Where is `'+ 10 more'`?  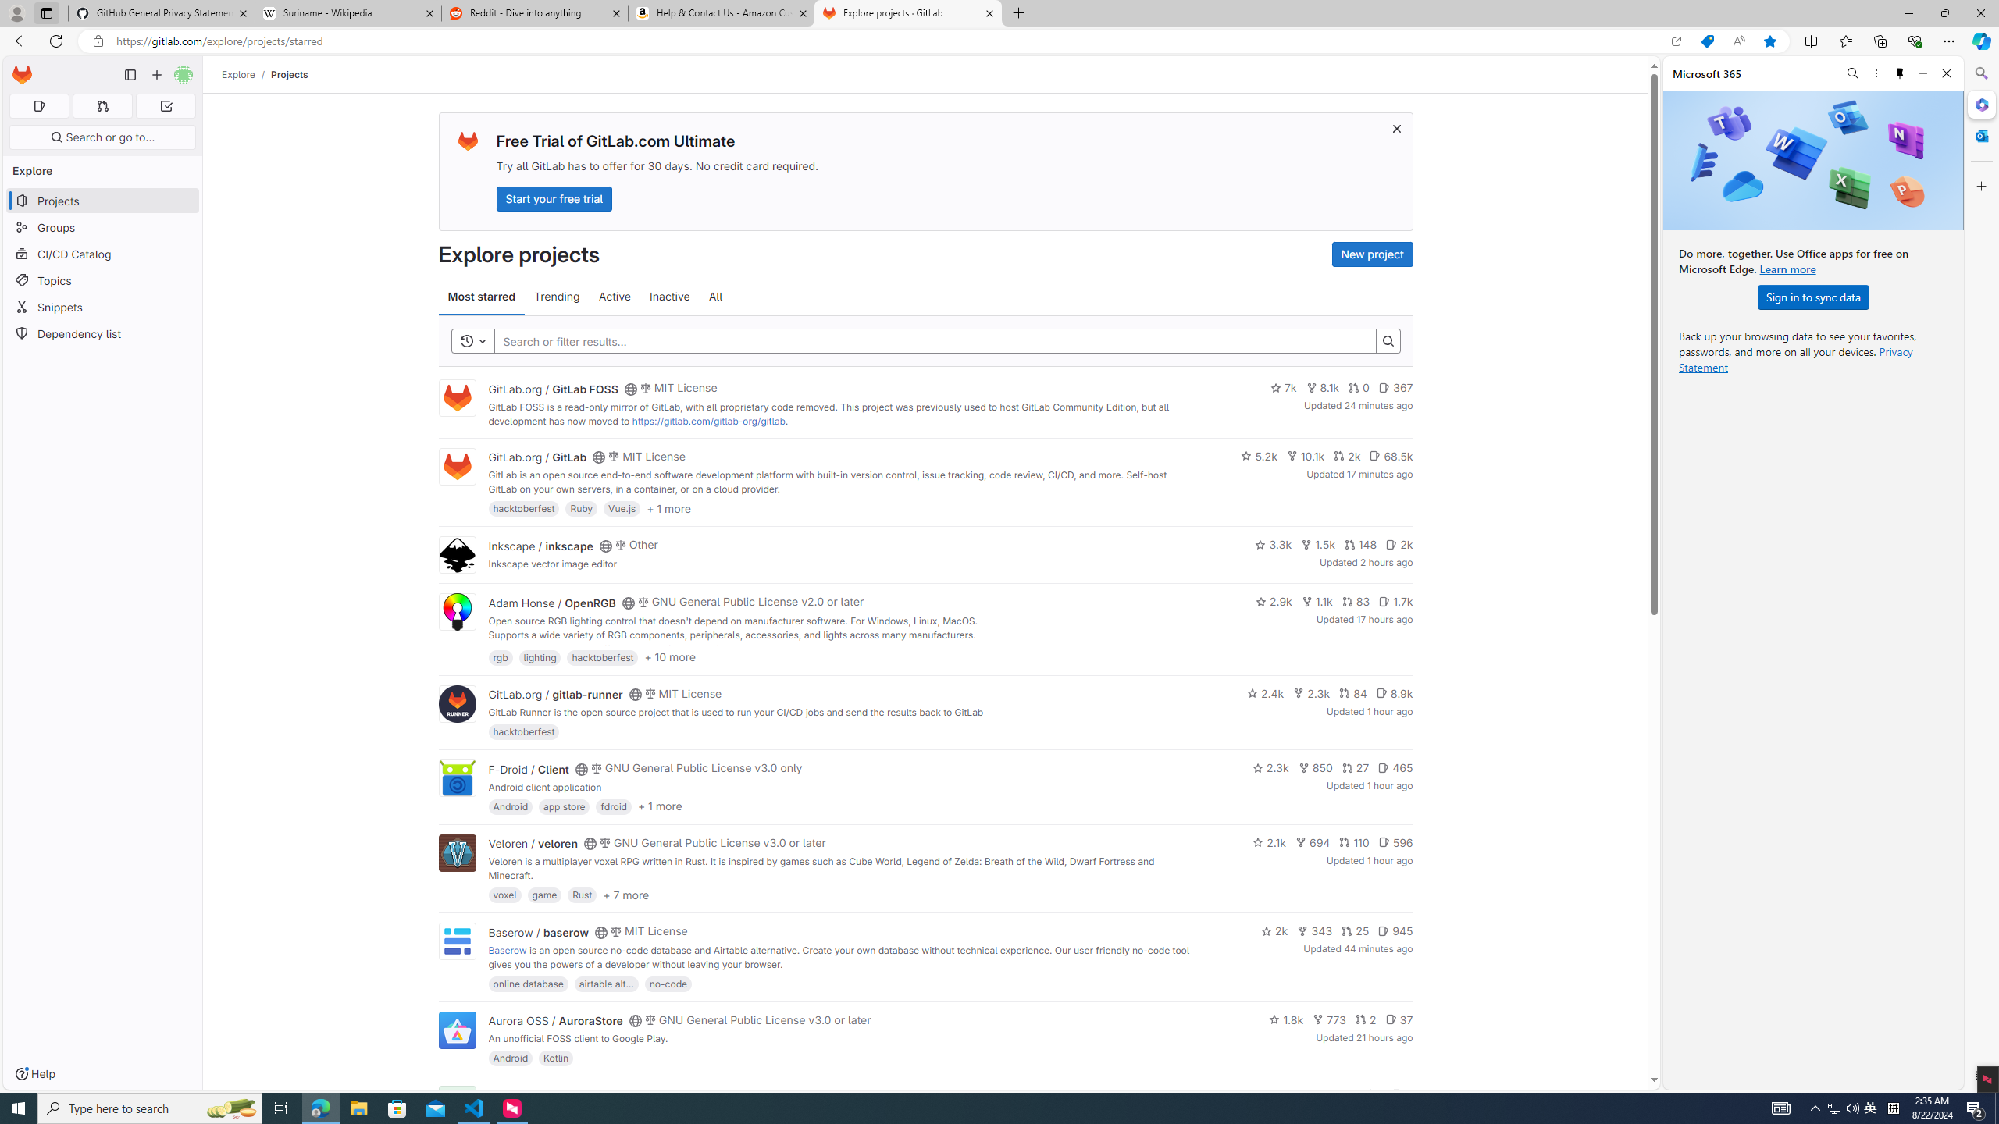
'+ 10 more' is located at coordinates (669, 656).